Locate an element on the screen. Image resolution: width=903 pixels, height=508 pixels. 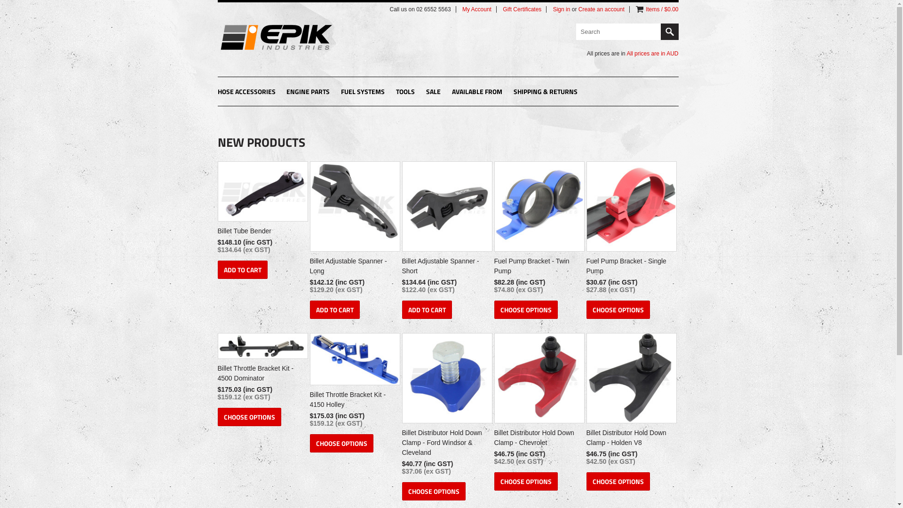
'TOOLS' is located at coordinates (405, 92).